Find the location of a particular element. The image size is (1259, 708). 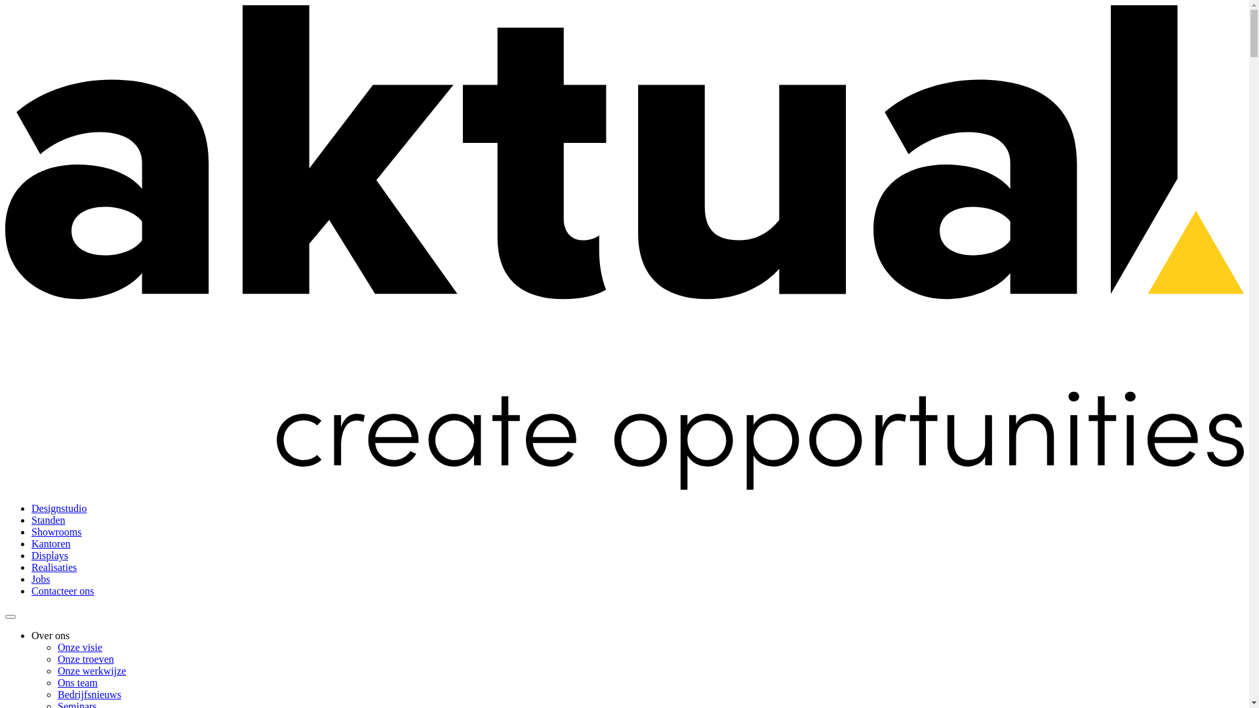

'Kantoren' is located at coordinates (50, 543).